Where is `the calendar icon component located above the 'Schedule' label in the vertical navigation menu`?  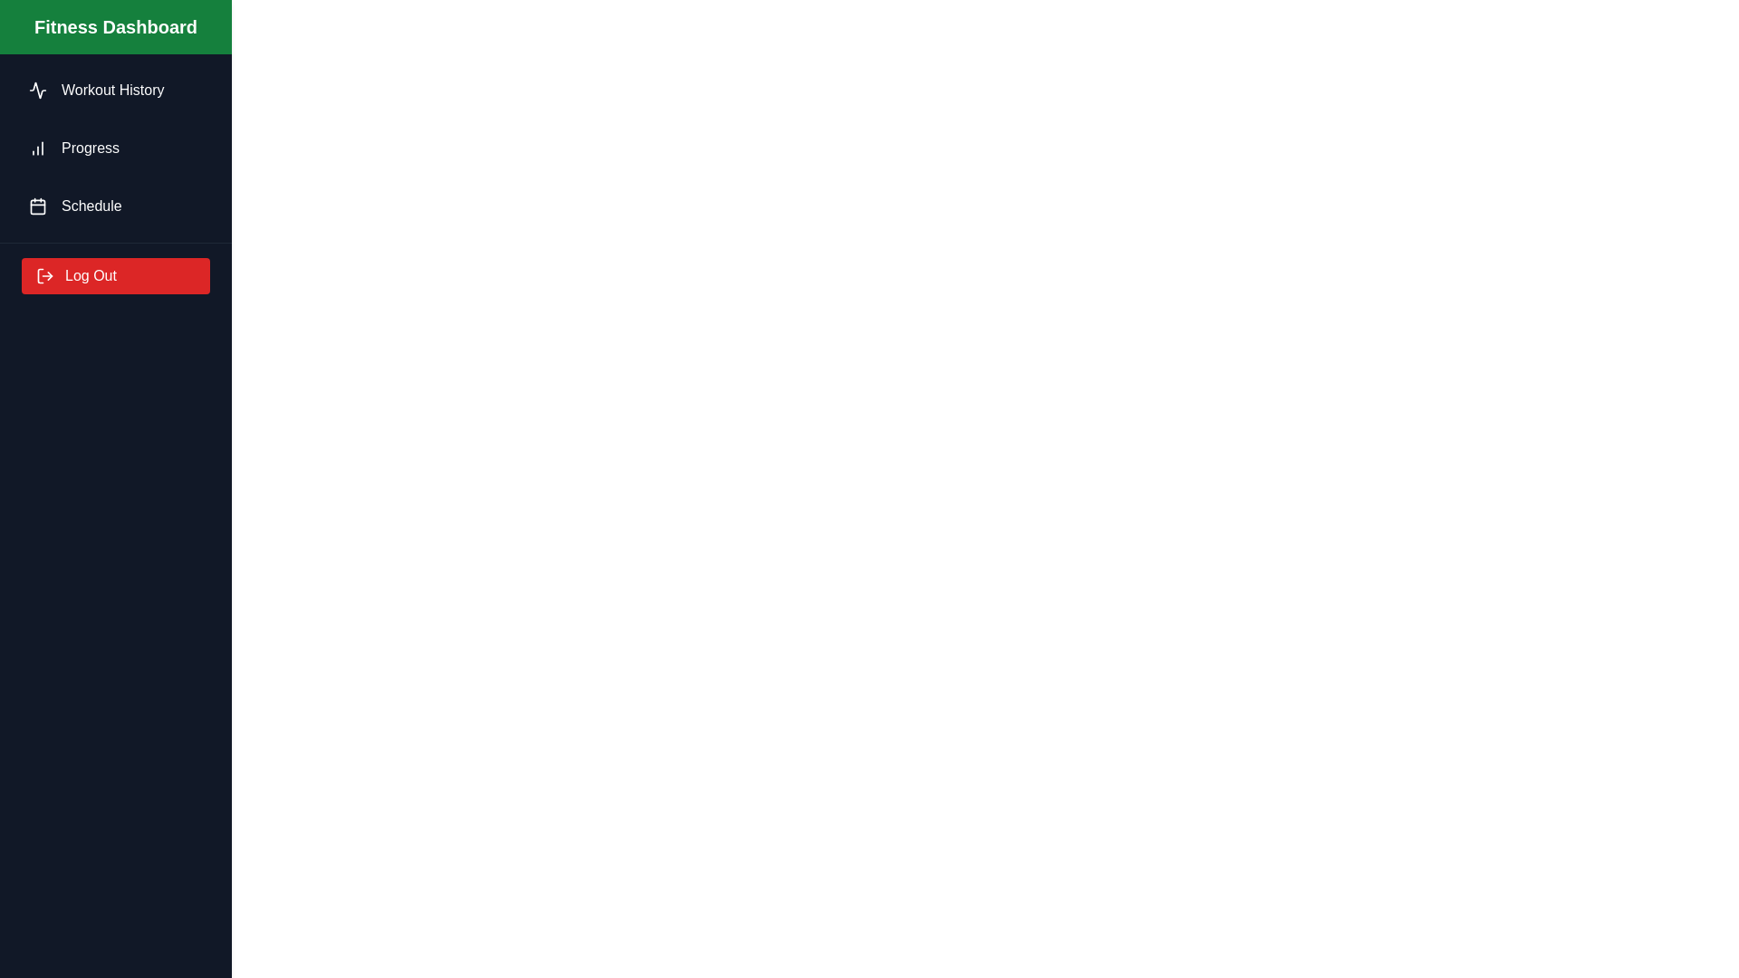
the calendar icon component located above the 'Schedule' label in the vertical navigation menu is located at coordinates (38, 205).